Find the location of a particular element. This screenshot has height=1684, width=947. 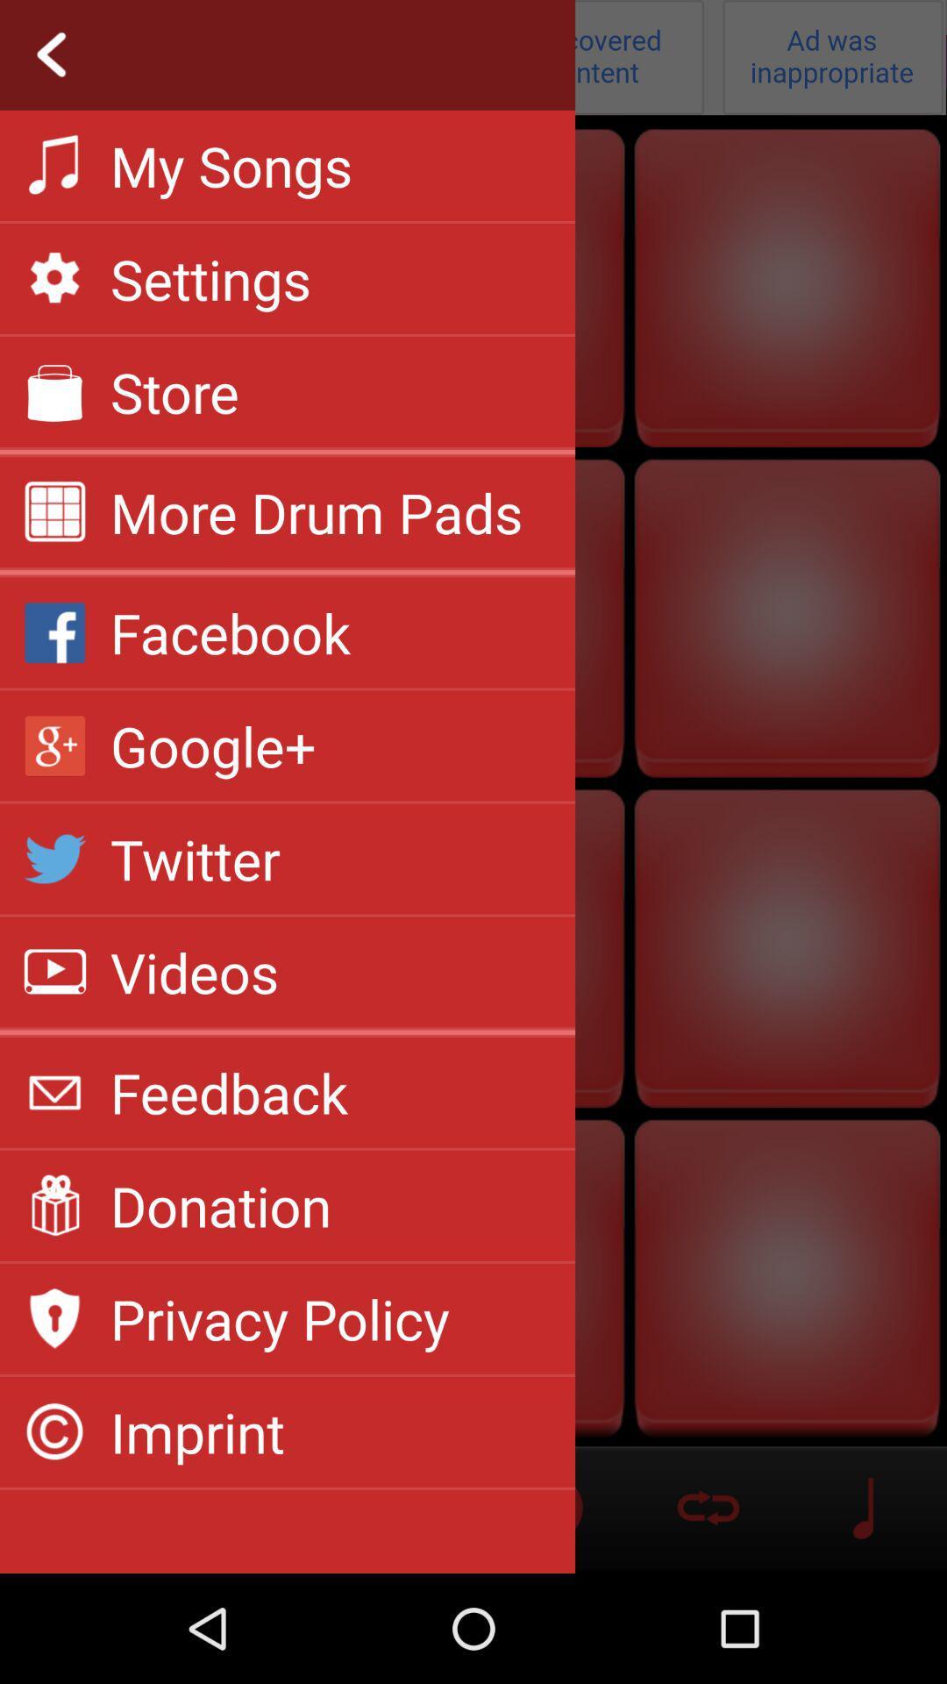

app below the twitter app is located at coordinates (195, 971).